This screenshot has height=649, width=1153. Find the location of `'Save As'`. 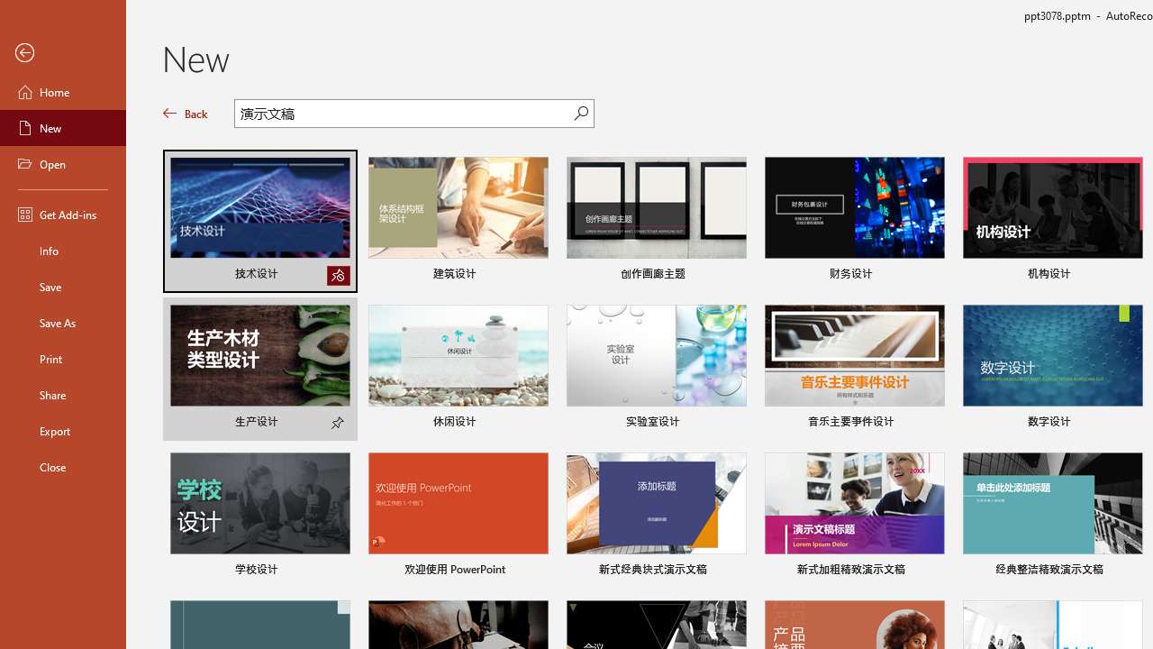

'Save As' is located at coordinates (62, 321).